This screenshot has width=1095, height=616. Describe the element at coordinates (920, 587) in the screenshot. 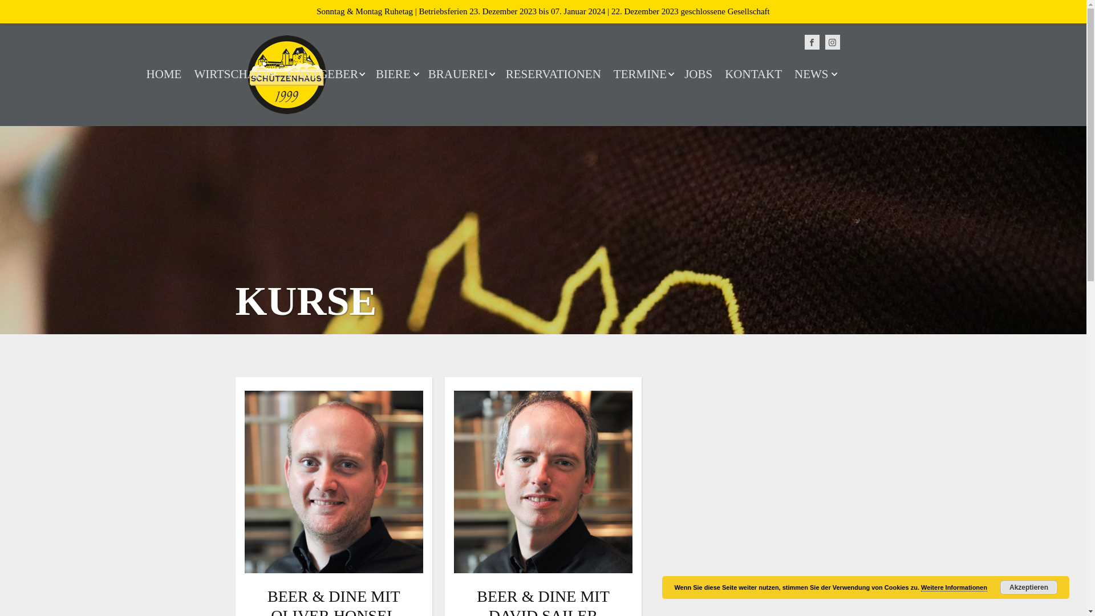

I see `'Weitere Informationen'` at that location.